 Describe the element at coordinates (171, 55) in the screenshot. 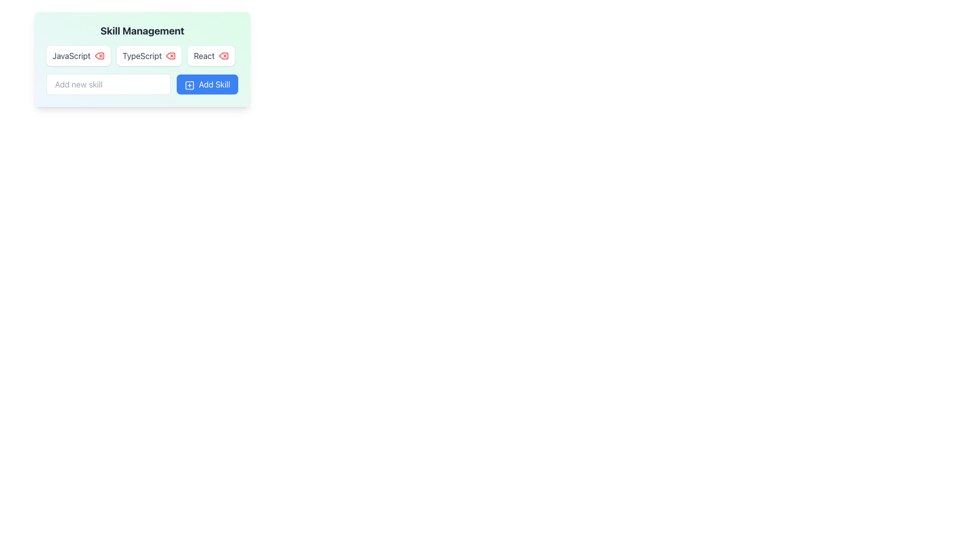

I see `the central graphical element of the delete icon associated with the 'TypeScript' skill badge` at that location.